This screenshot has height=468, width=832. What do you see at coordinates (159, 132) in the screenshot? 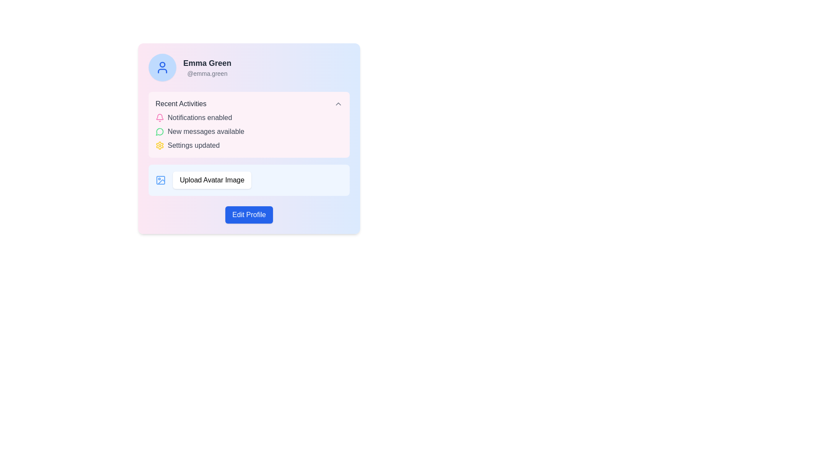
I see `the icon that indicates the presence of new messages or notifications, located in the 'Recent Activities' section, adjacent to 'New messages available'` at bounding box center [159, 132].